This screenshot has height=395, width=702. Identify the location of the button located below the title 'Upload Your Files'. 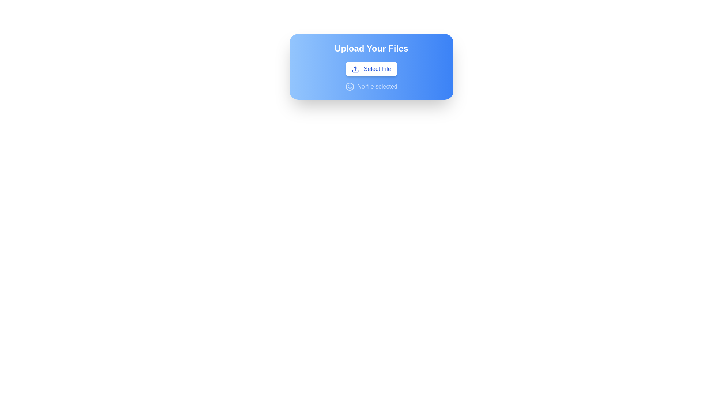
(371, 69).